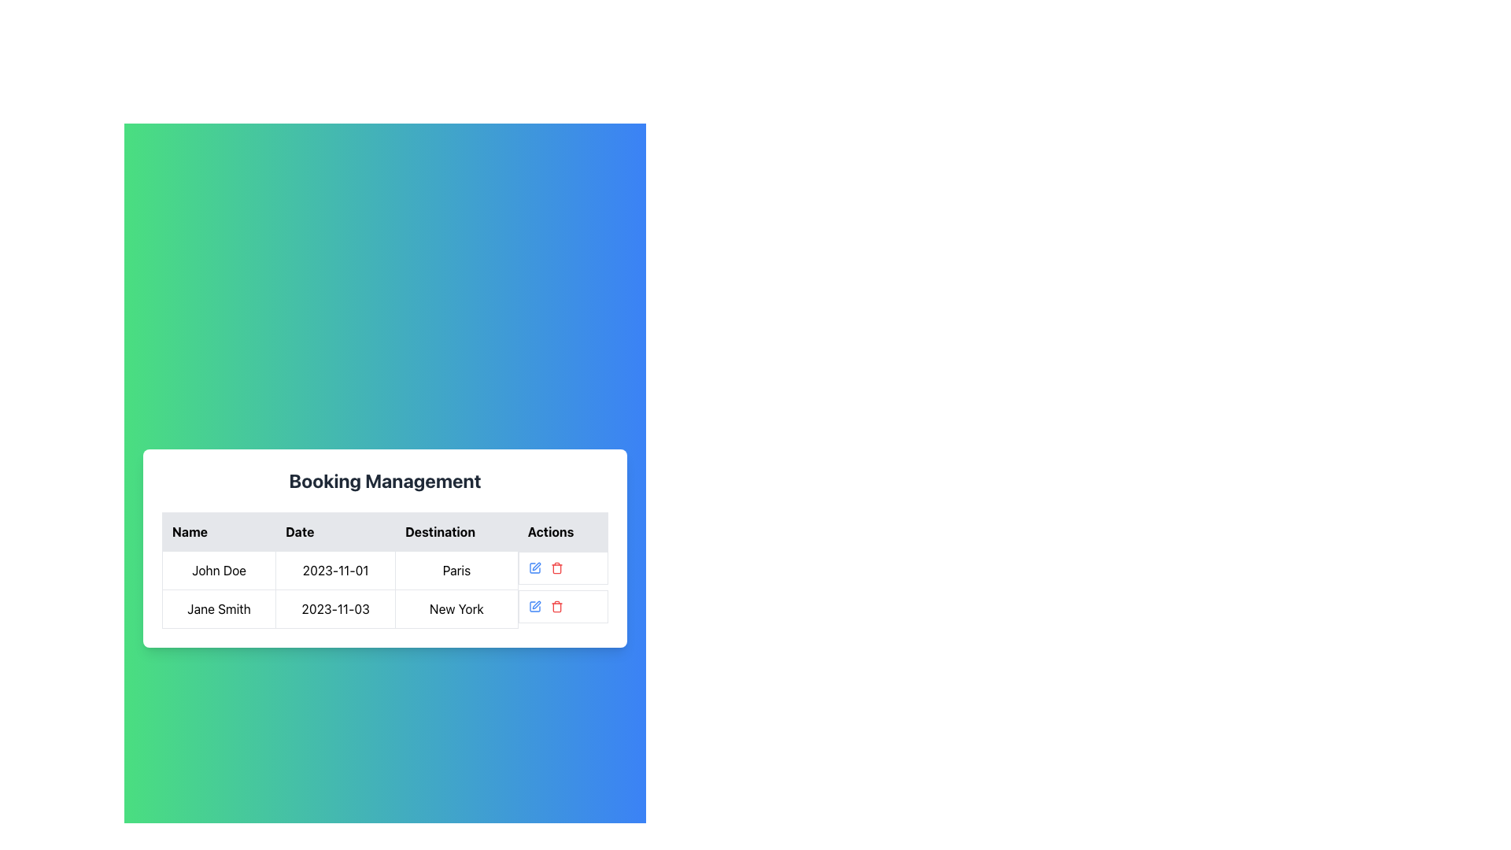  I want to click on the edit button icon in the 'Actions' column associated with 'John Doe' to observe a color change, so click(534, 605).